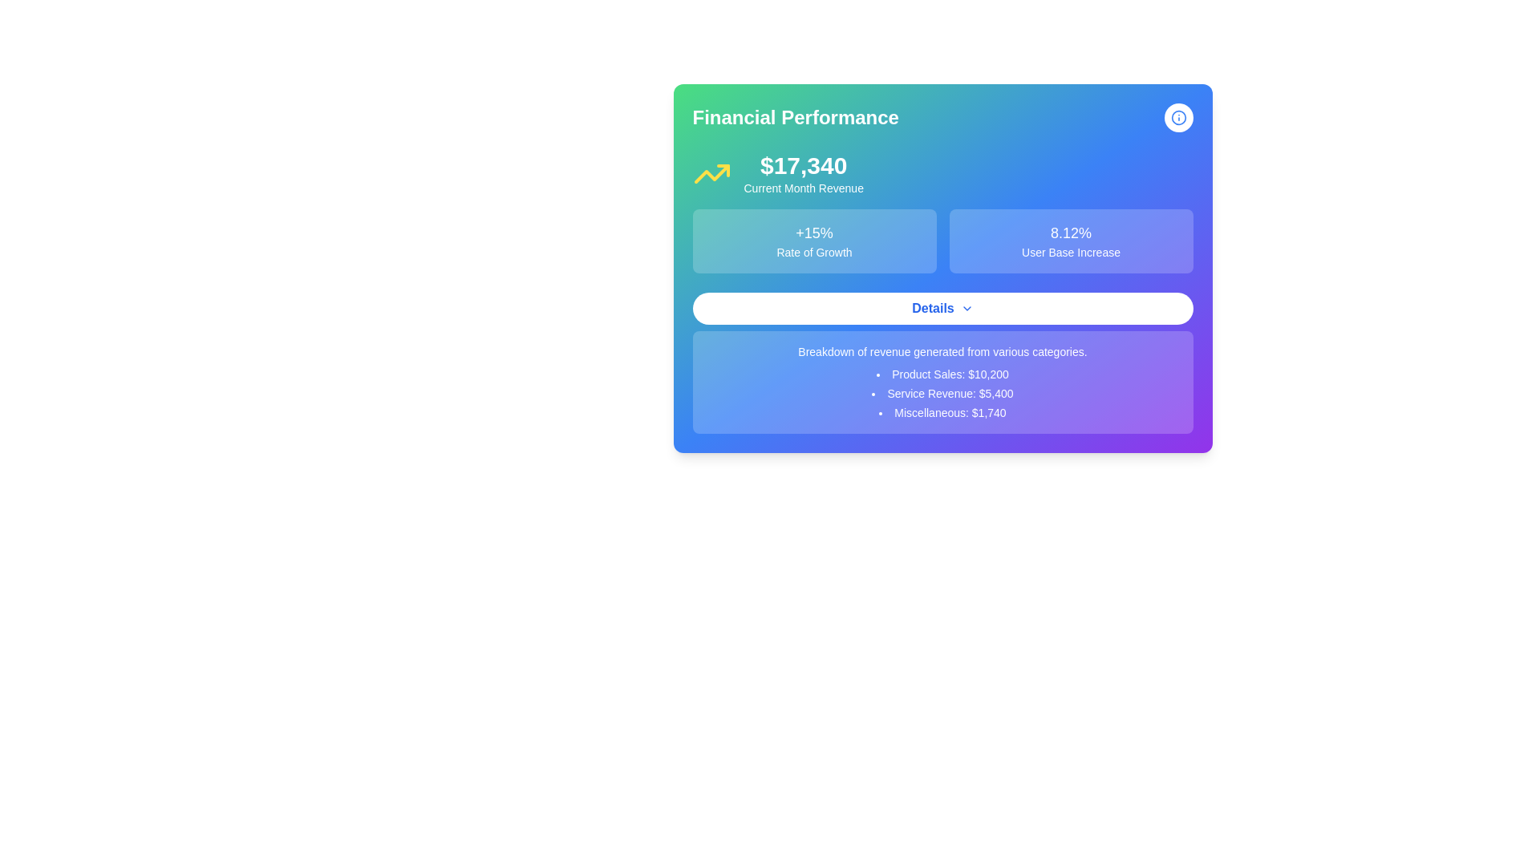 This screenshot has height=866, width=1540. What do you see at coordinates (814, 253) in the screenshot?
I see `the text label displaying 'Rate of Growth' located below the percentage value '+15%' within a rounded shaded background` at bounding box center [814, 253].